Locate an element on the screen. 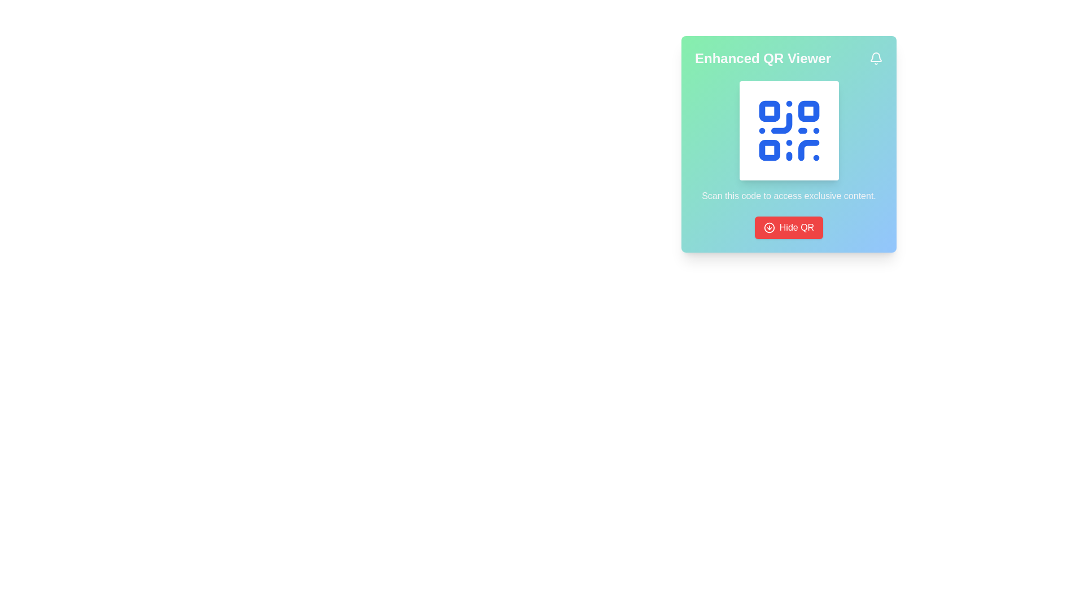 The width and height of the screenshot is (1084, 609). the blue QR code styled icon located in the upper-right segment of the interface, which is the primary visual element within the card near the 'Enhanced QR Viewer' title is located at coordinates (788, 130).